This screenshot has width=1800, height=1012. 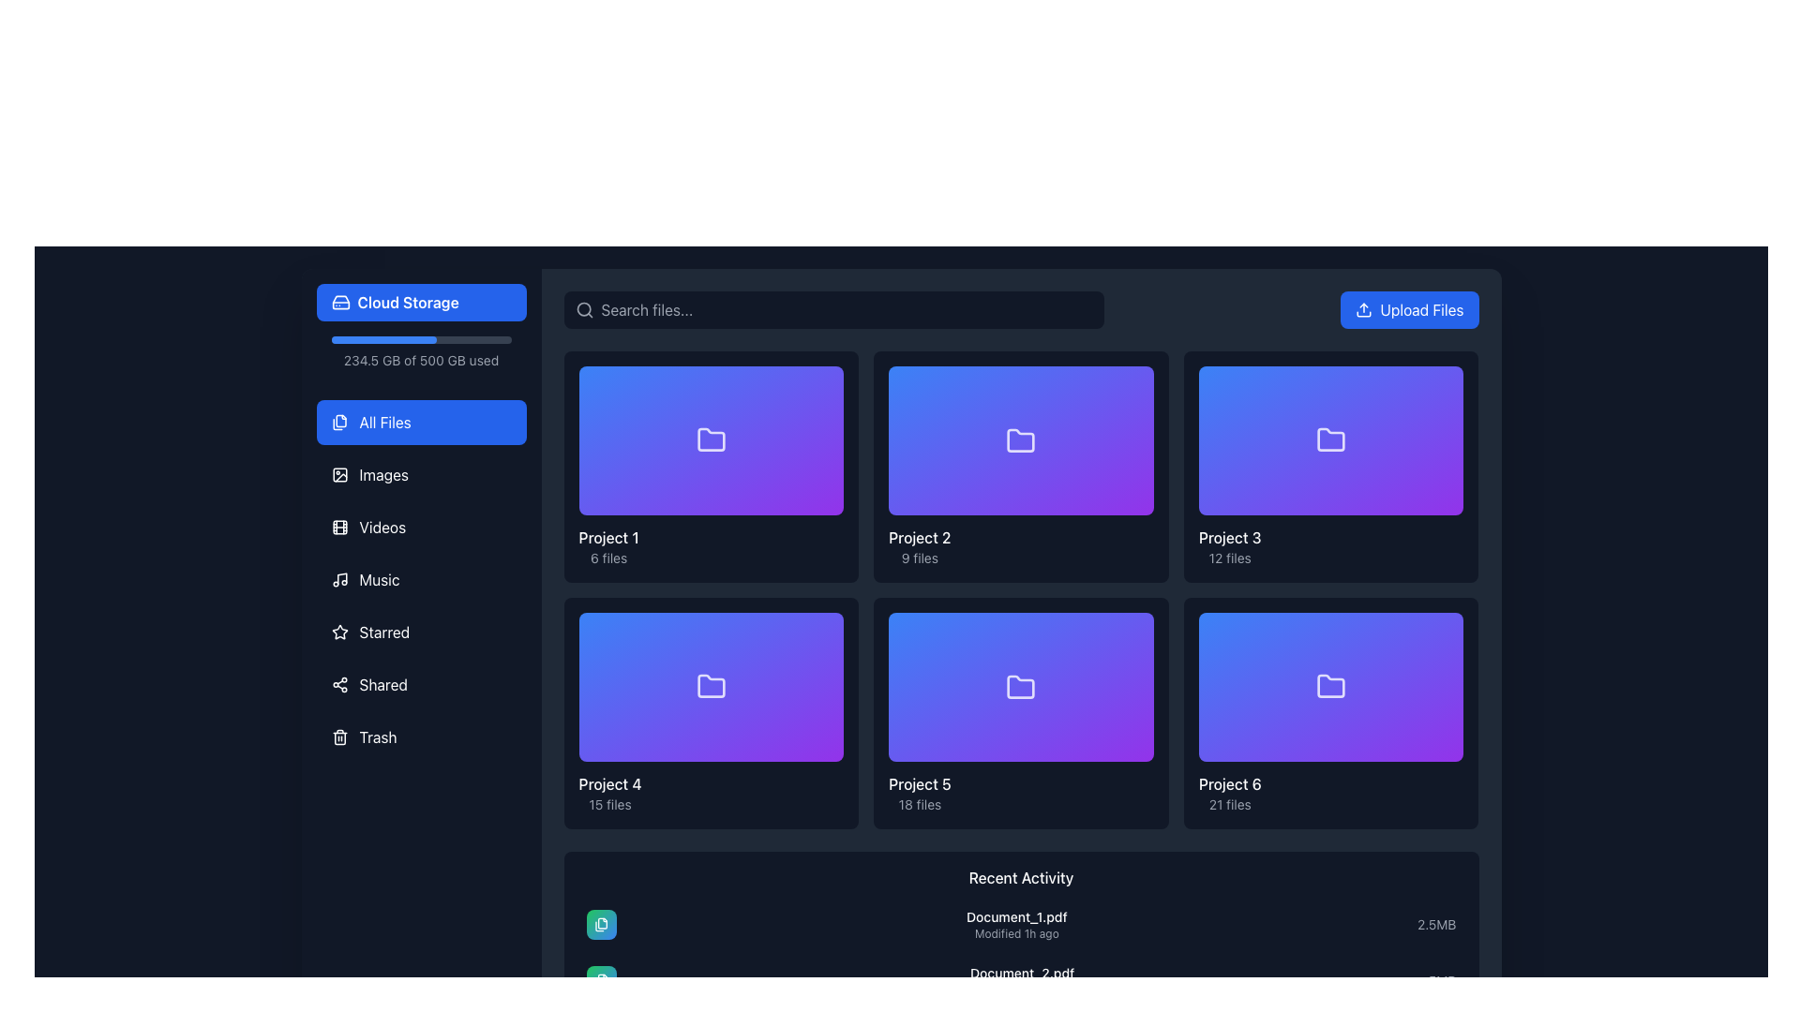 What do you see at coordinates (1230, 546) in the screenshot?
I see `the text label pair for 'Project 3' located in the rightmost column of the second row in the grid layout` at bounding box center [1230, 546].